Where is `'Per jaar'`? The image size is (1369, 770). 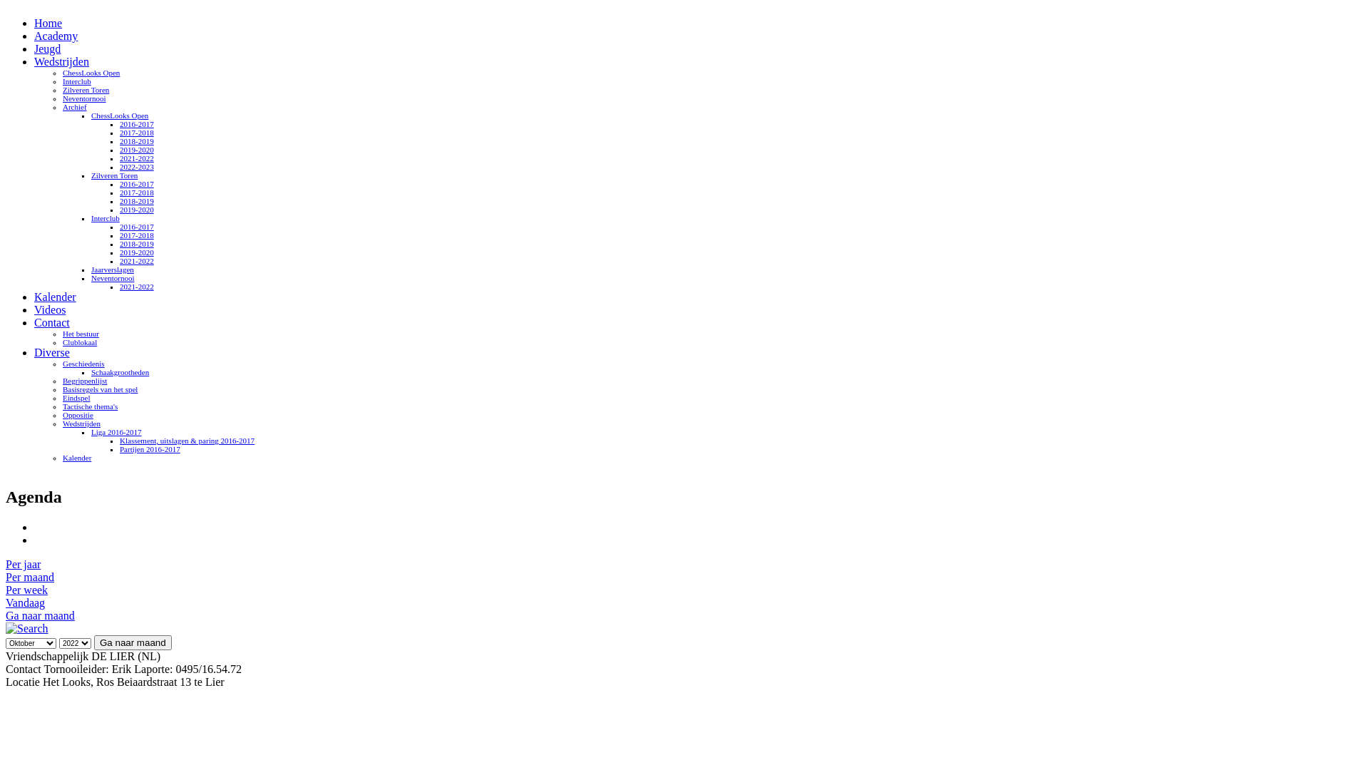 'Per jaar' is located at coordinates (23, 563).